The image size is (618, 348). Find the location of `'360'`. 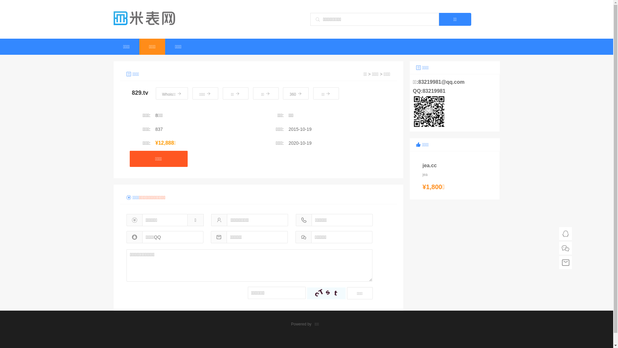

'360' is located at coordinates (283, 93).